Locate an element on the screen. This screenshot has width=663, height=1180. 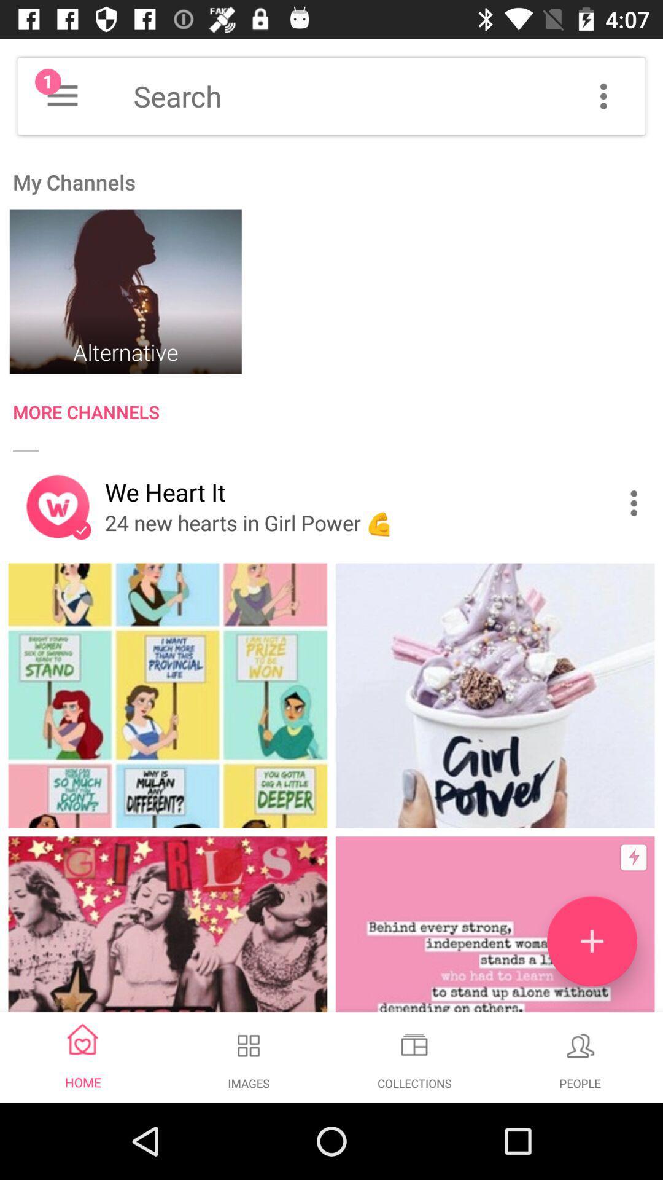
photo is located at coordinates (591, 940).